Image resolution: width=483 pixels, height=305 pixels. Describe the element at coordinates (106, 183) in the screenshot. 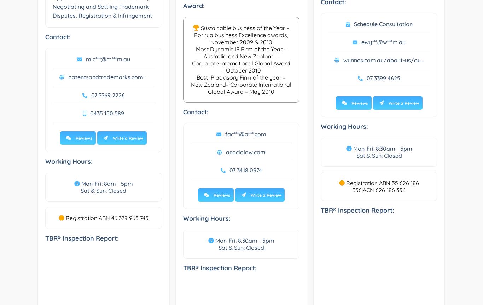

I see `'Mon-Fri: 8am - 5pm'` at that location.